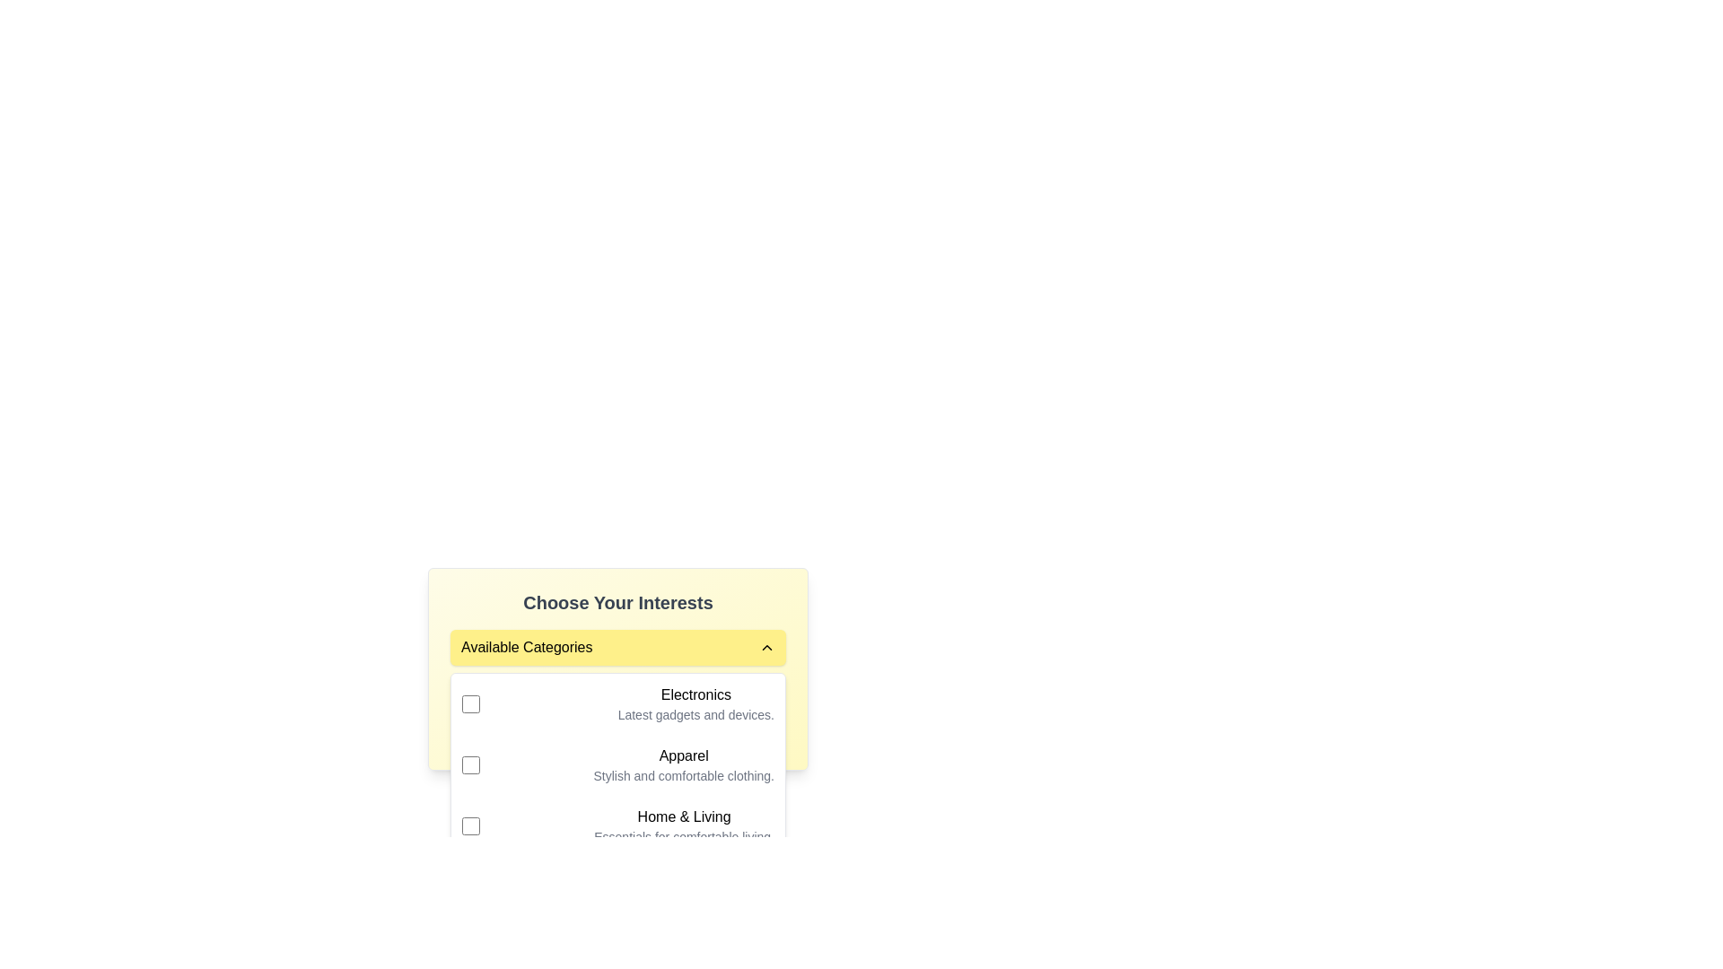 This screenshot has height=969, width=1723. I want to click on the checkbox for the 'Apparel' category located, so click(470, 764).